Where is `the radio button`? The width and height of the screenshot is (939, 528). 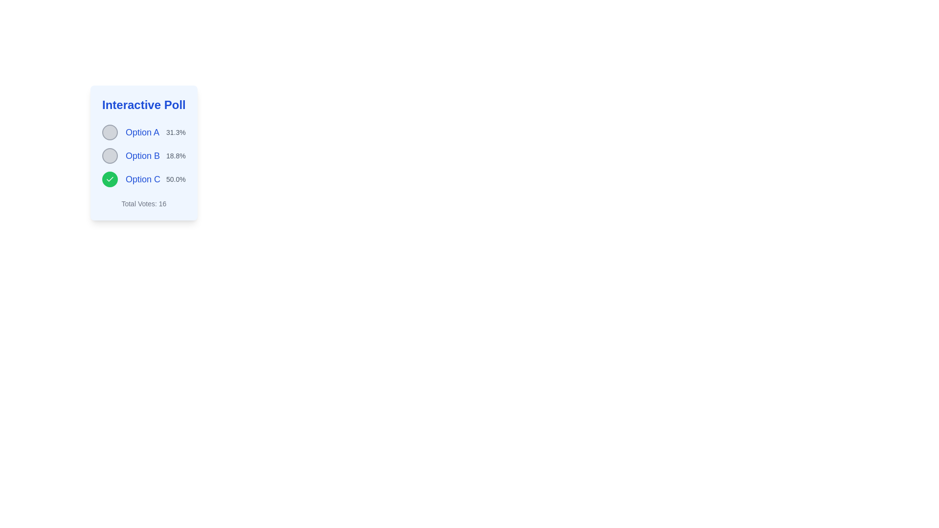
the radio button is located at coordinates (110, 155).